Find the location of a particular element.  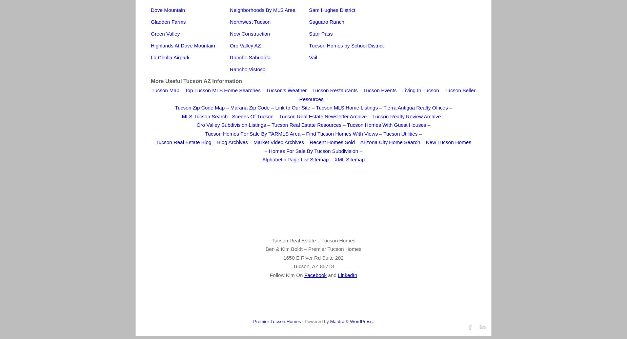

'New Construction' is located at coordinates (250, 33).